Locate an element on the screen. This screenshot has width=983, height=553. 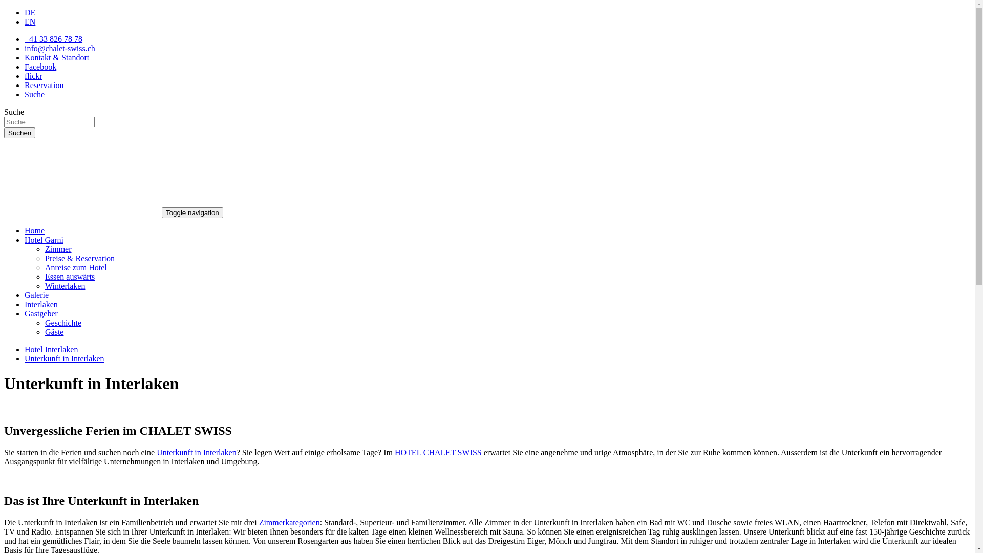
'Home' is located at coordinates (34, 230).